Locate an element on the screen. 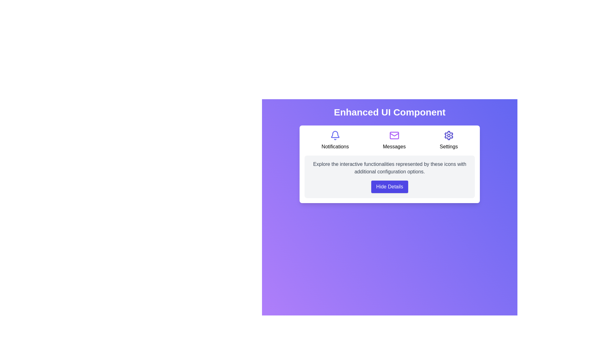  the 'Settings' text label, which is styled in black sans-serif font and located beneath the cogwheel icon on a purple gradient background is located at coordinates (448, 147).